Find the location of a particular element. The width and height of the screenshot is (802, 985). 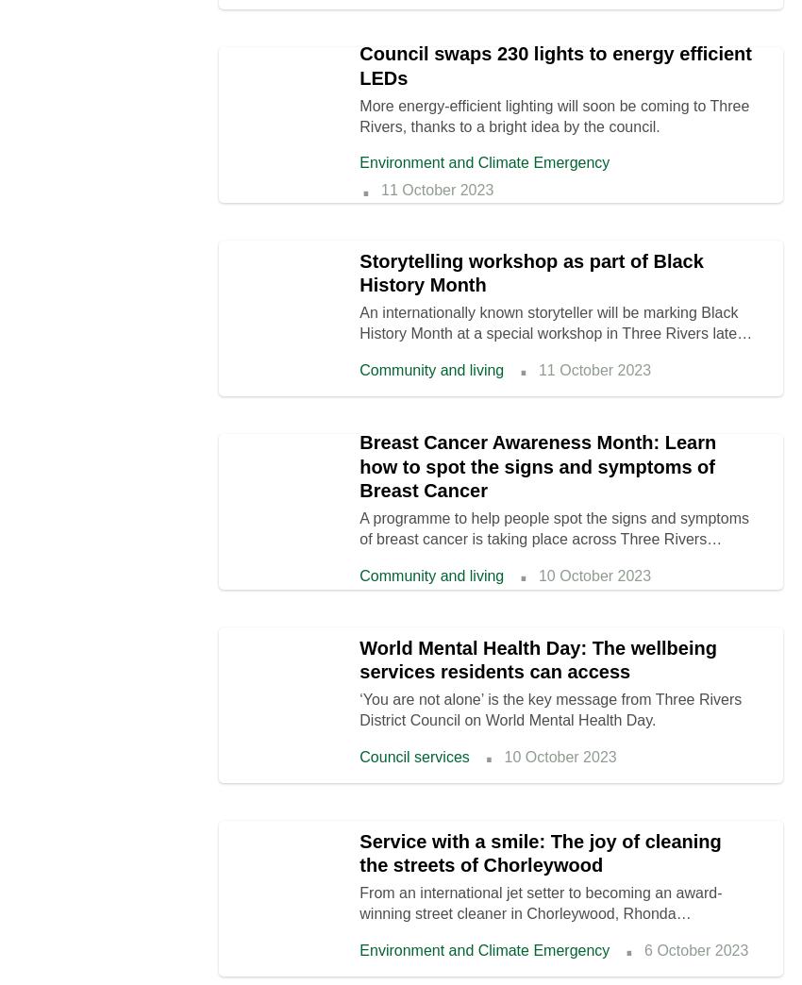

'An internationally known storyteller will be marking Black History Month at a special workshop in Three Rivers later this month.' is located at coordinates (358, 332).